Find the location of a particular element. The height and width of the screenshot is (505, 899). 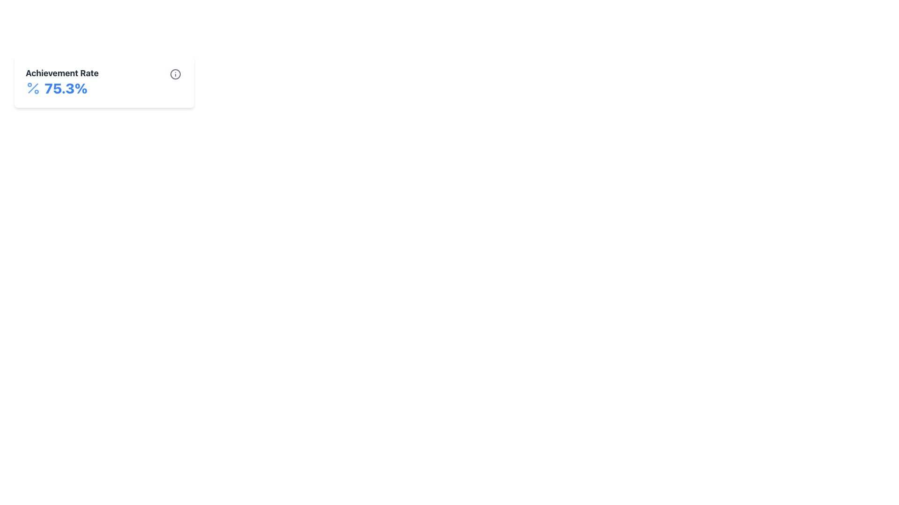

the 'Achievement Rate' text display element that shows the percentage value '75.3%' is located at coordinates (61, 81).